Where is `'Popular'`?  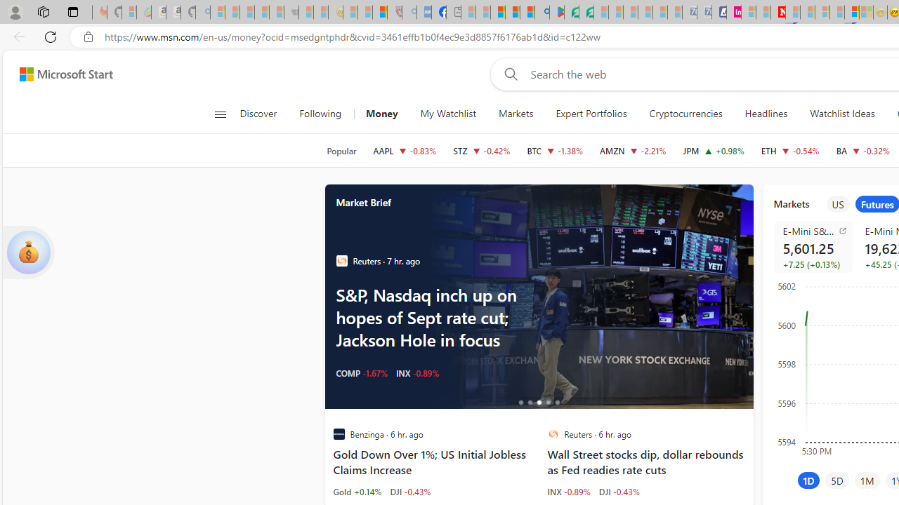
'Popular' is located at coordinates (341, 151).